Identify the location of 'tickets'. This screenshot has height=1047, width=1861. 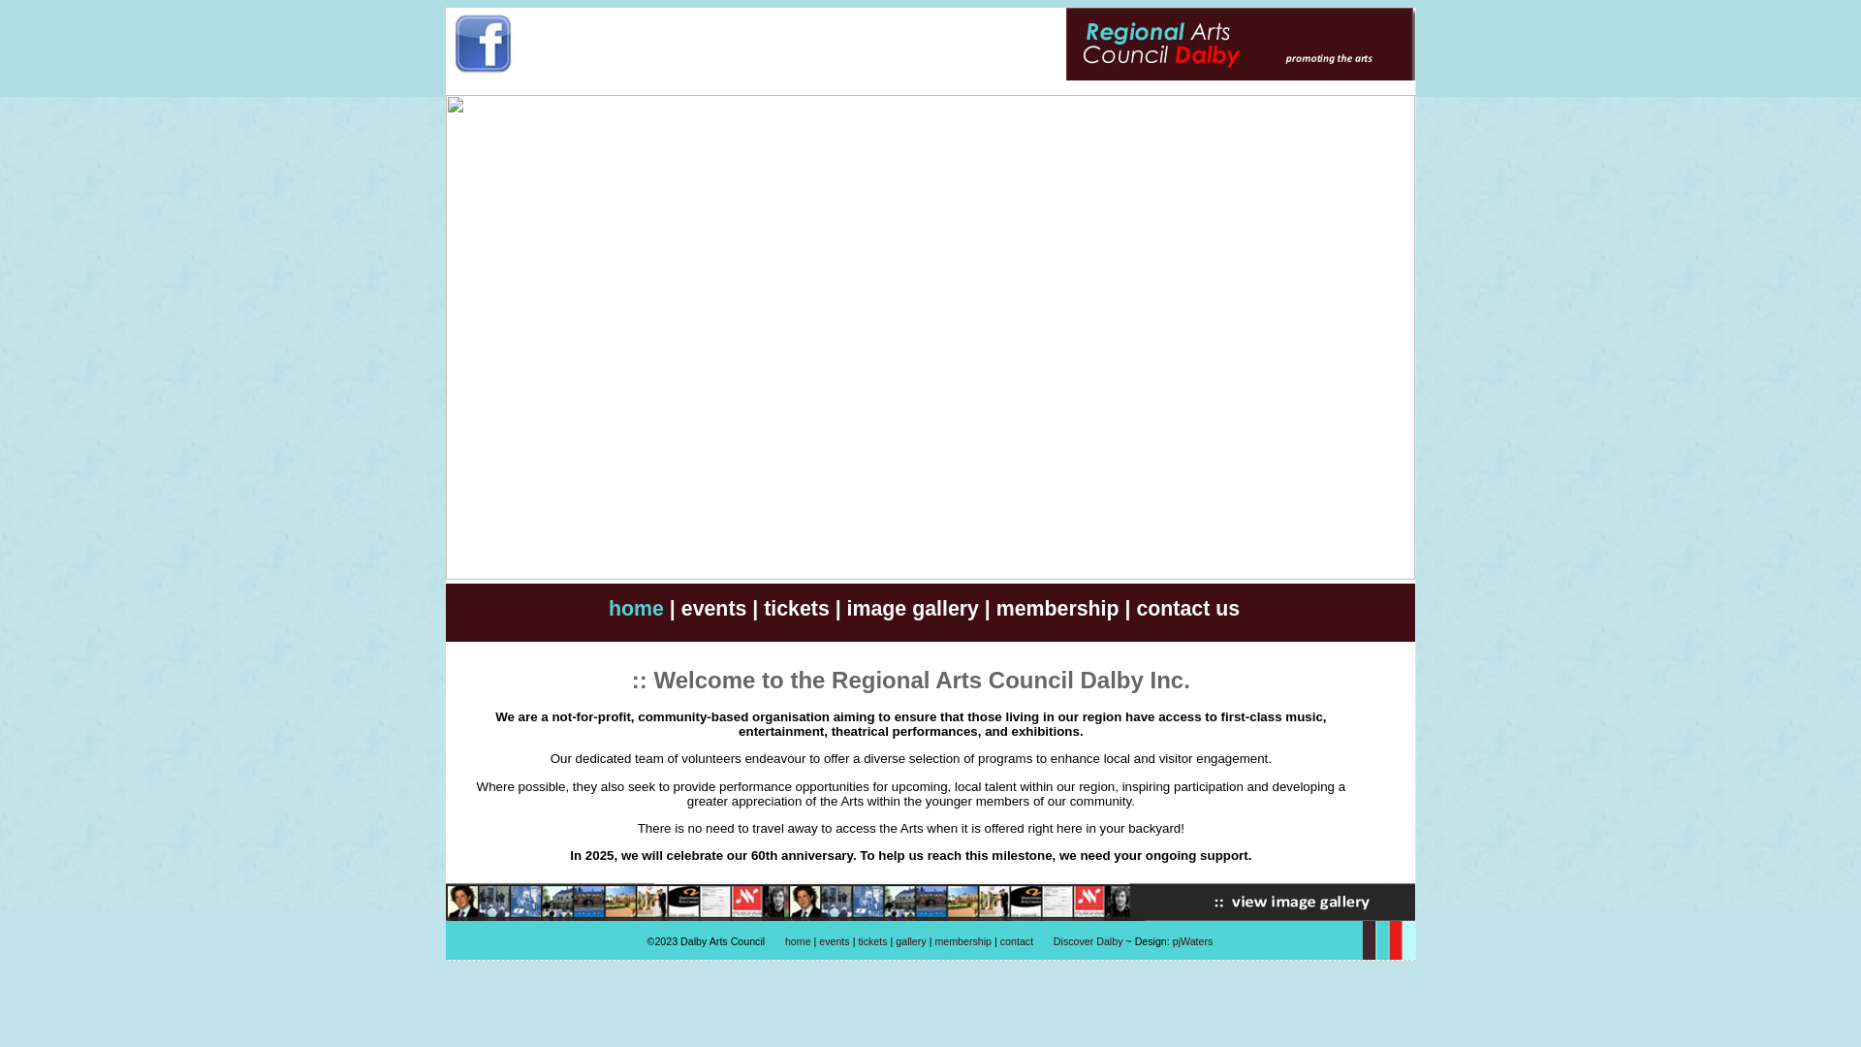
(762, 608).